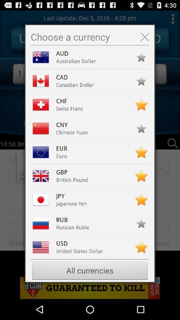  What do you see at coordinates (63, 196) in the screenshot?
I see `jpy icon` at bounding box center [63, 196].